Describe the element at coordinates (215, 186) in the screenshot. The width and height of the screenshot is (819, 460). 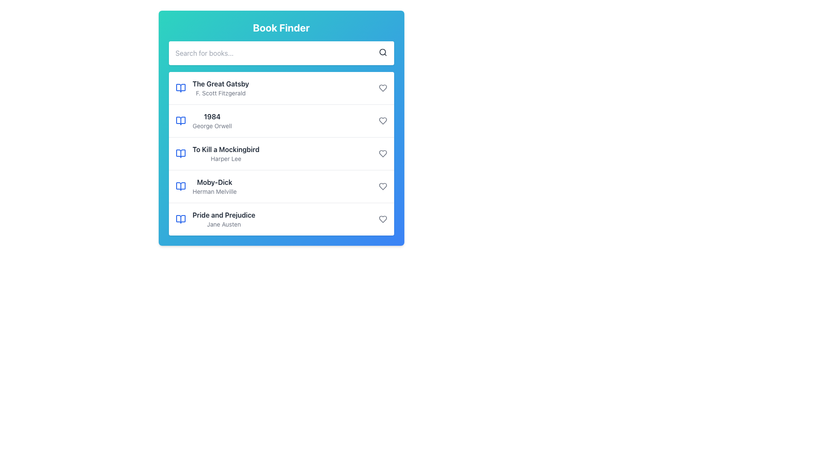
I see `the Text Display that shows information about a book, specifically positioned as the fourth item in the list, located below 'To Kill a Mockingbird' and above 'Pride and Prejudice'` at that location.